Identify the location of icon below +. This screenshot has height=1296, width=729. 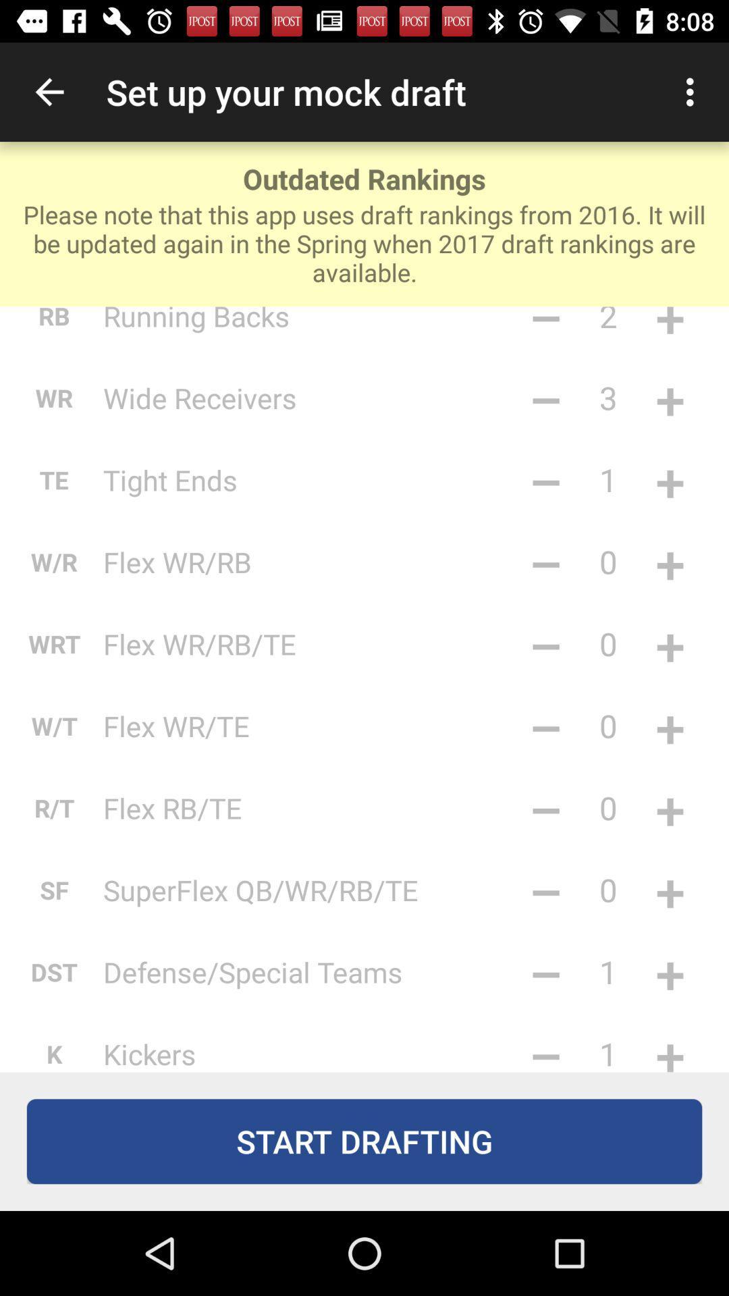
(670, 1045).